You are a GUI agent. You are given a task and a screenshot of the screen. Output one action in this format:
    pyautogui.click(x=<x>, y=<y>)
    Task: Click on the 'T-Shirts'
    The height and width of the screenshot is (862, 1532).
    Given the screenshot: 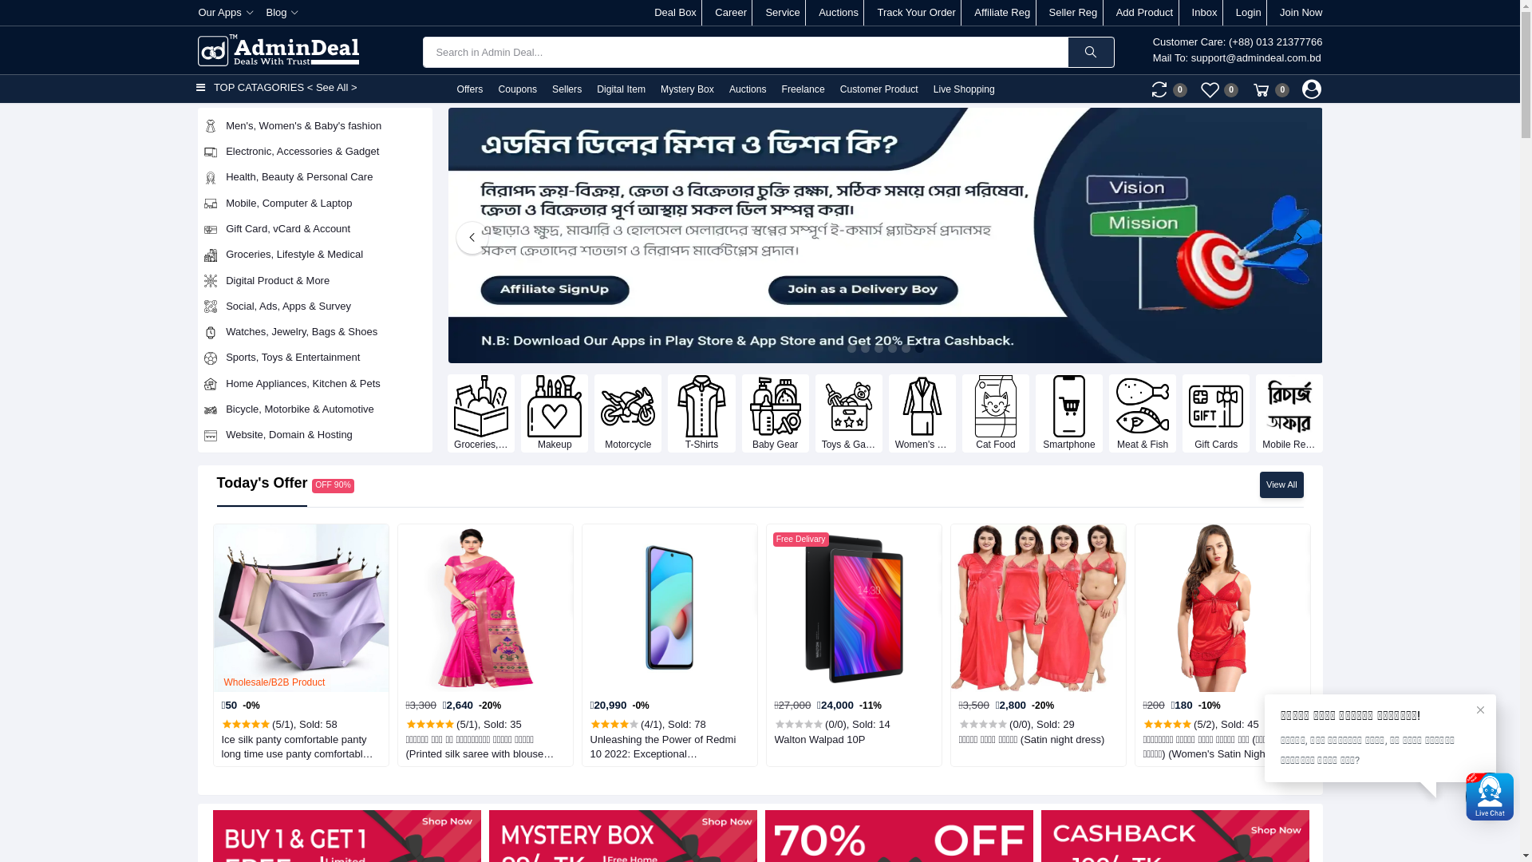 What is the action you would take?
    pyautogui.click(x=701, y=412)
    